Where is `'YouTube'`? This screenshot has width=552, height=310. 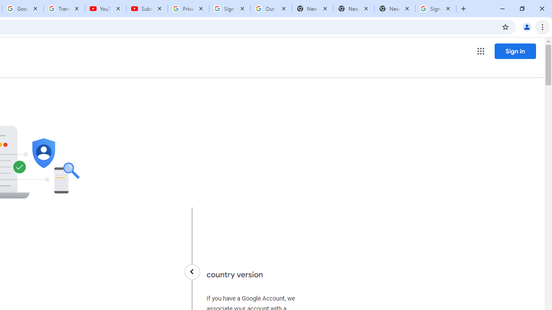
'YouTube' is located at coordinates (105, 9).